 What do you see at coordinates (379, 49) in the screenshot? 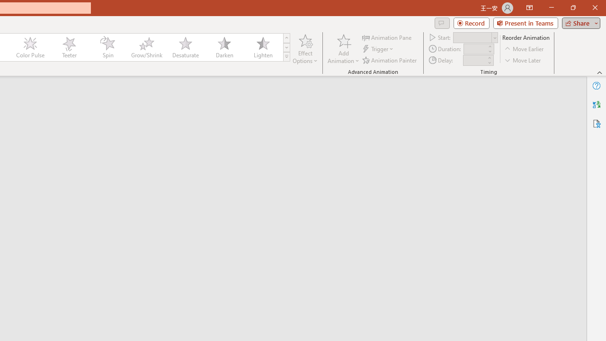
I see `'Trigger'` at bounding box center [379, 49].